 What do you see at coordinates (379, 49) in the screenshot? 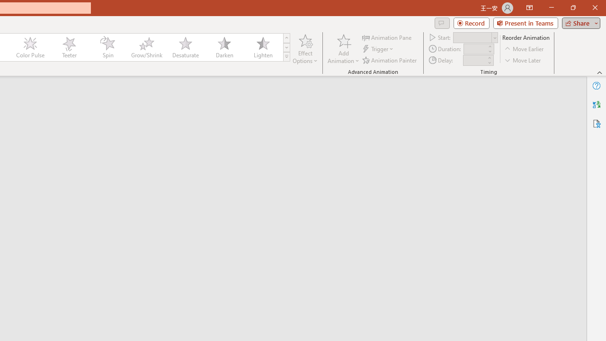
I see `'Trigger'` at bounding box center [379, 49].